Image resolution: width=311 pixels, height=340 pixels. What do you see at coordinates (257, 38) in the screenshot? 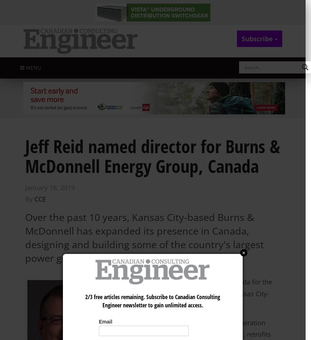
I see `'Subscribe'` at bounding box center [257, 38].